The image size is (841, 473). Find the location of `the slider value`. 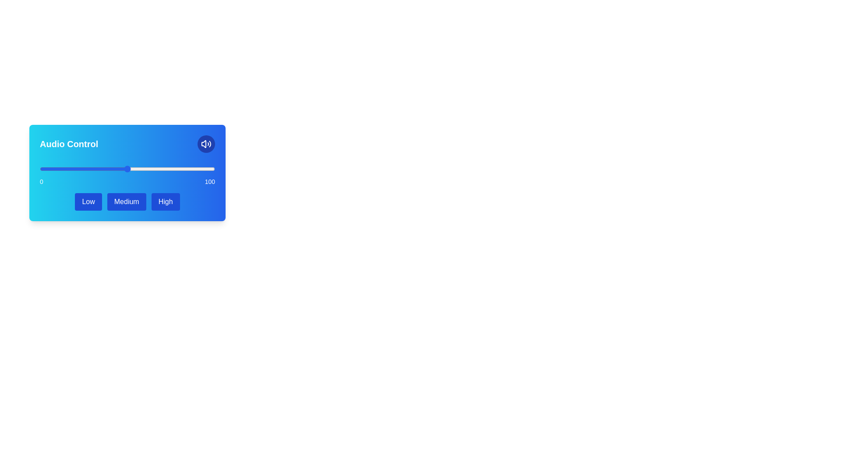

the slider value is located at coordinates (84, 169).